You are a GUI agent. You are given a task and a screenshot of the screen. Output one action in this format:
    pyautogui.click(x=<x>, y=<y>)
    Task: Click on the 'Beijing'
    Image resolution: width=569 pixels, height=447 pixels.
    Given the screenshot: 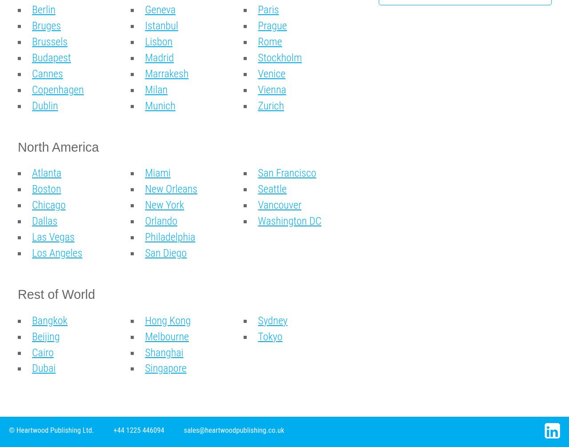 What is the action you would take?
    pyautogui.click(x=45, y=336)
    